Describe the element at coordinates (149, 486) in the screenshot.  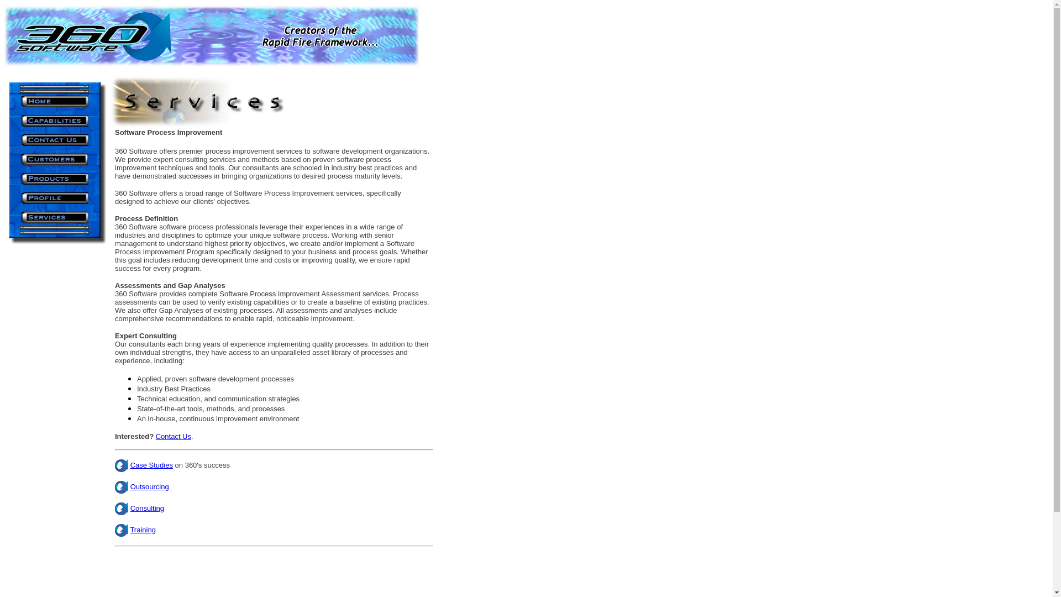
I see `'Outsourcing'` at that location.